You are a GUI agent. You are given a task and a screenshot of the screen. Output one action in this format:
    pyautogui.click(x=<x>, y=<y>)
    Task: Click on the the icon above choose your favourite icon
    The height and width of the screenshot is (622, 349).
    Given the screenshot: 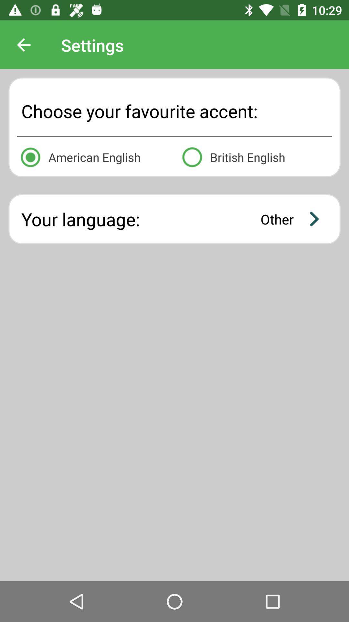 What is the action you would take?
    pyautogui.click(x=23, y=45)
    